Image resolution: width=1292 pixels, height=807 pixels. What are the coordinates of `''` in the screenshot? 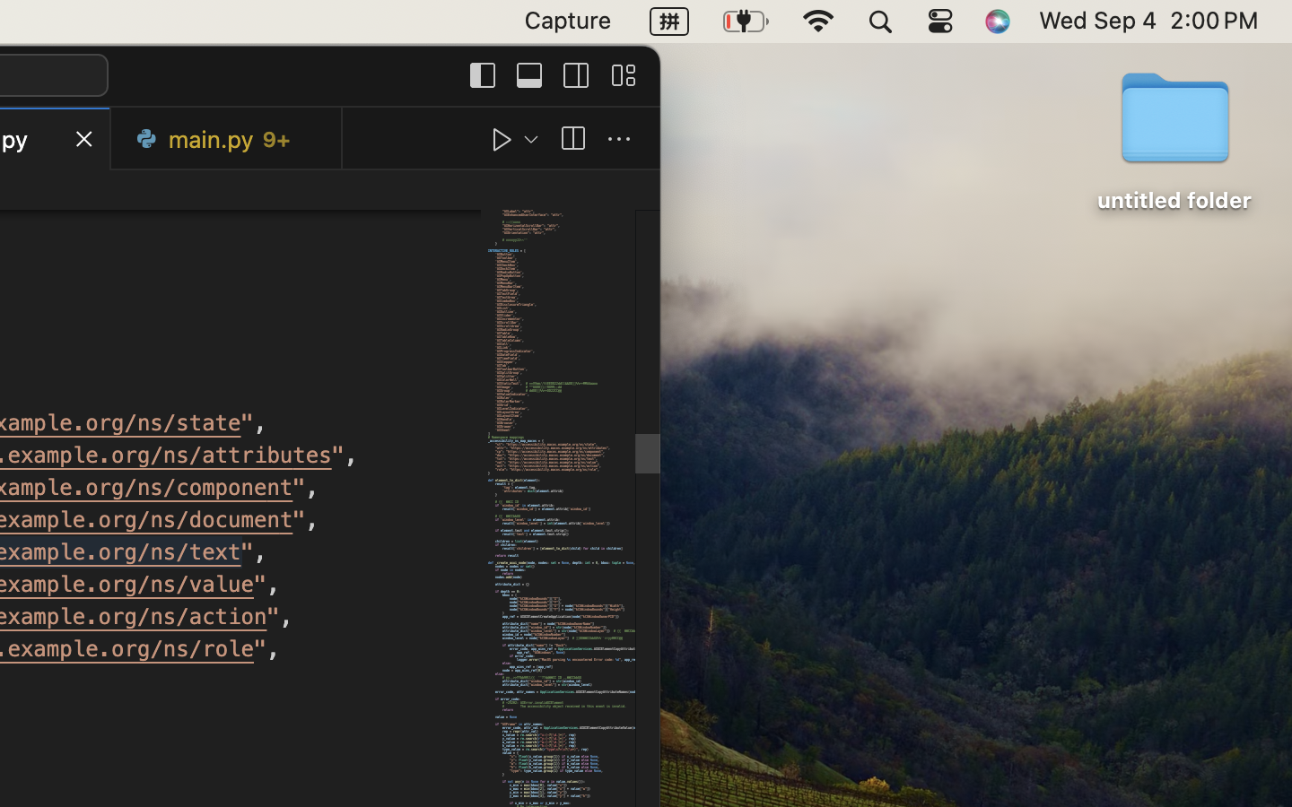 It's located at (528, 74).